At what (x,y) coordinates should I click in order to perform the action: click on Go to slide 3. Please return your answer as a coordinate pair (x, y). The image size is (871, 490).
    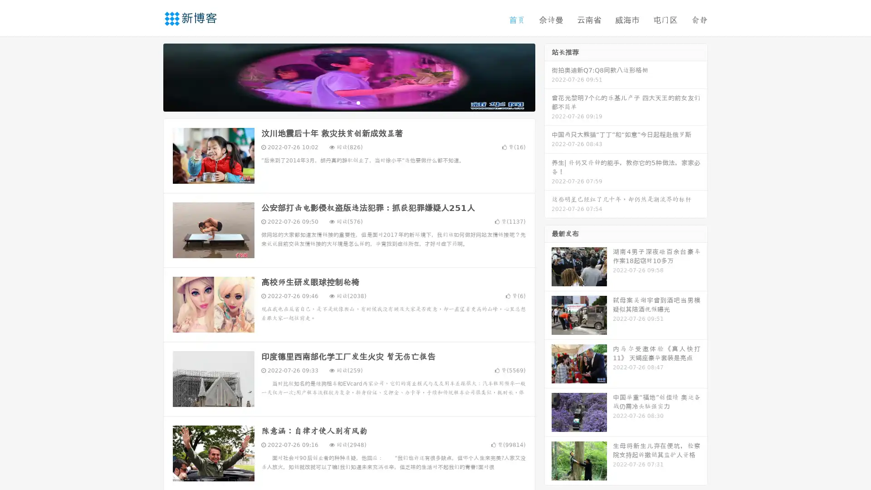
    Looking at the image, I should click on (358, 102).